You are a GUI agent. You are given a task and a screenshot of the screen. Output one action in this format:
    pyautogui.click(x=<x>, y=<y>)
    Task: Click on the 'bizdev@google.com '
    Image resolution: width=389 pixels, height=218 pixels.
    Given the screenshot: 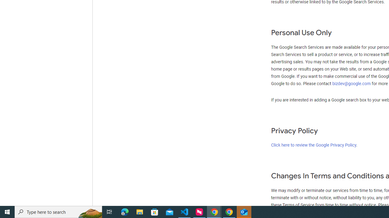 What is the action you would take?
    pyautogui.click(x=352, y=84)
    